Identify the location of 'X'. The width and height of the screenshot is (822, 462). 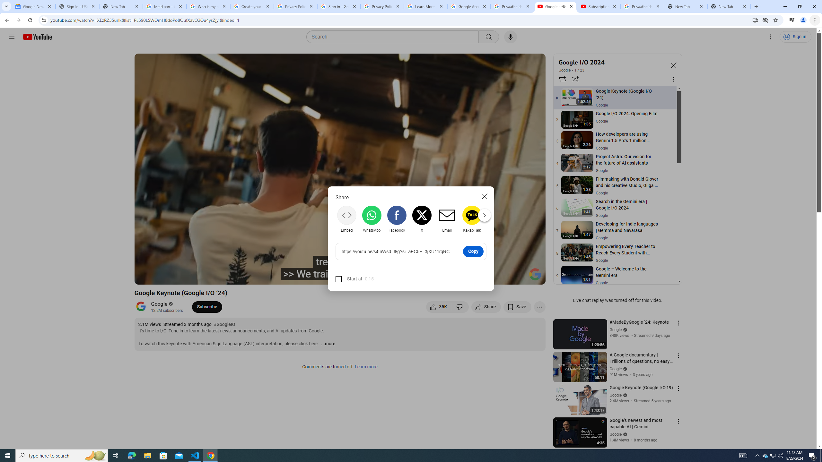
(422, 219).